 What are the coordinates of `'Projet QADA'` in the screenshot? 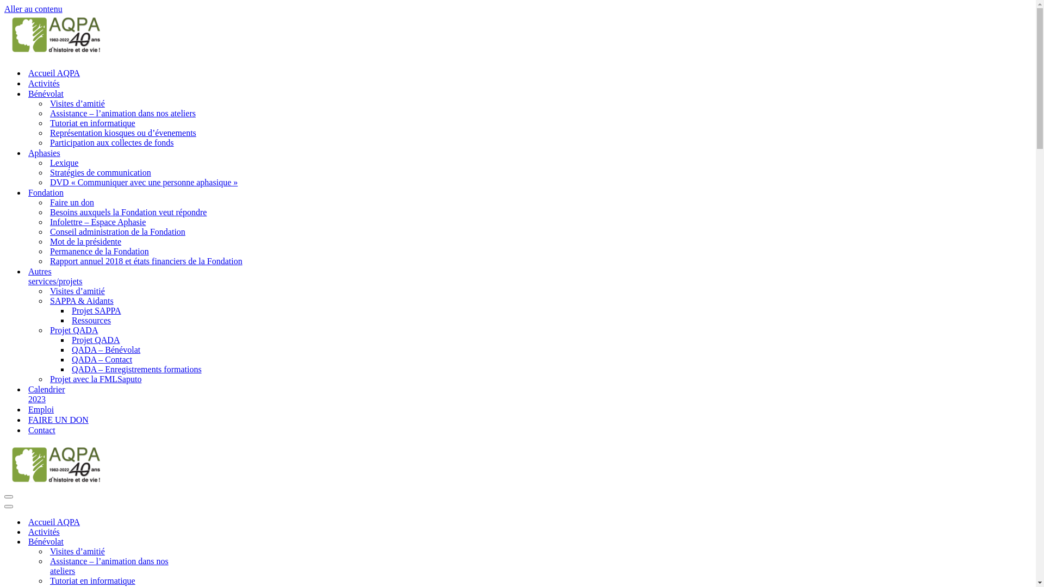 It's located at (49, 330).